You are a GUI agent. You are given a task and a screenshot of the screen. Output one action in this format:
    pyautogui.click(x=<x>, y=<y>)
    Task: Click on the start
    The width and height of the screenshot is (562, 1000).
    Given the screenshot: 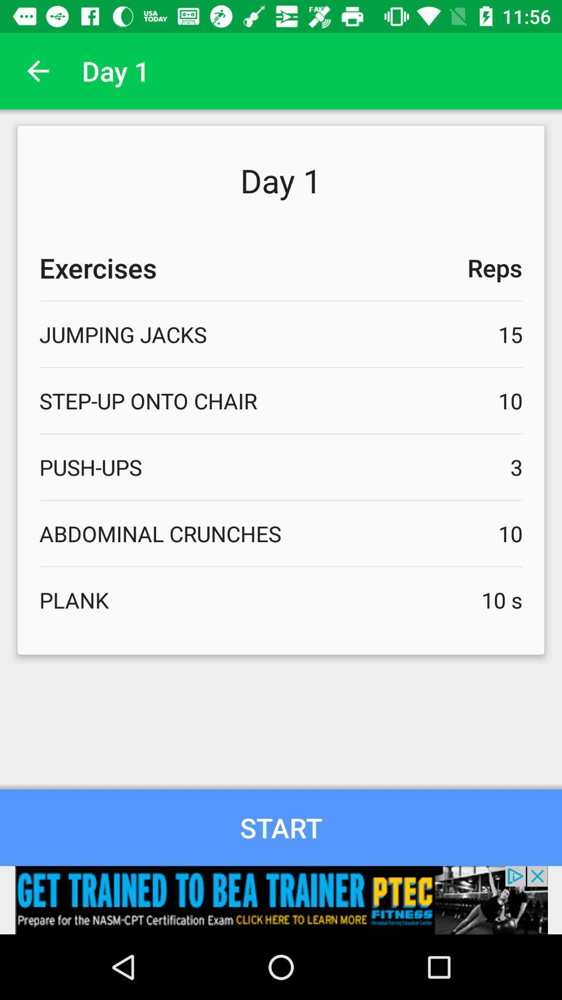 What is the action you would take?
    pyautogui.click(x=281, y=827)
    